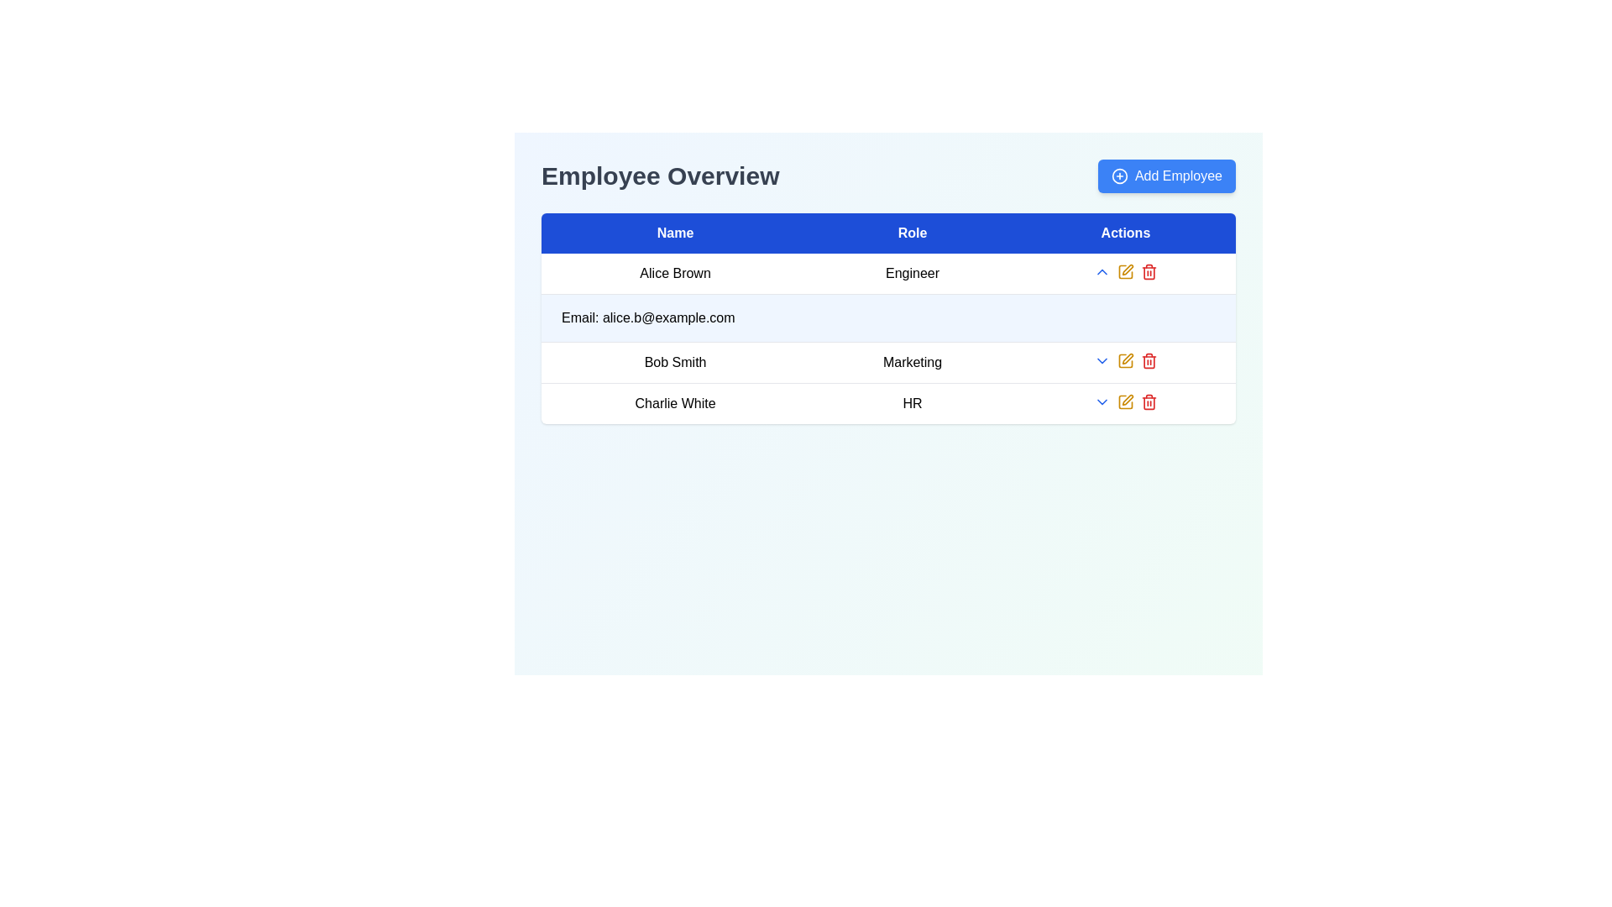 This screenshot has height=907, width=1612. What do you see at coordinates (675, 362) in the screenshot?
I see `the Text label displaying 'Bob Smith', which is located under the 'Name' column in the second row of the table` at bounding box center [675, 362].